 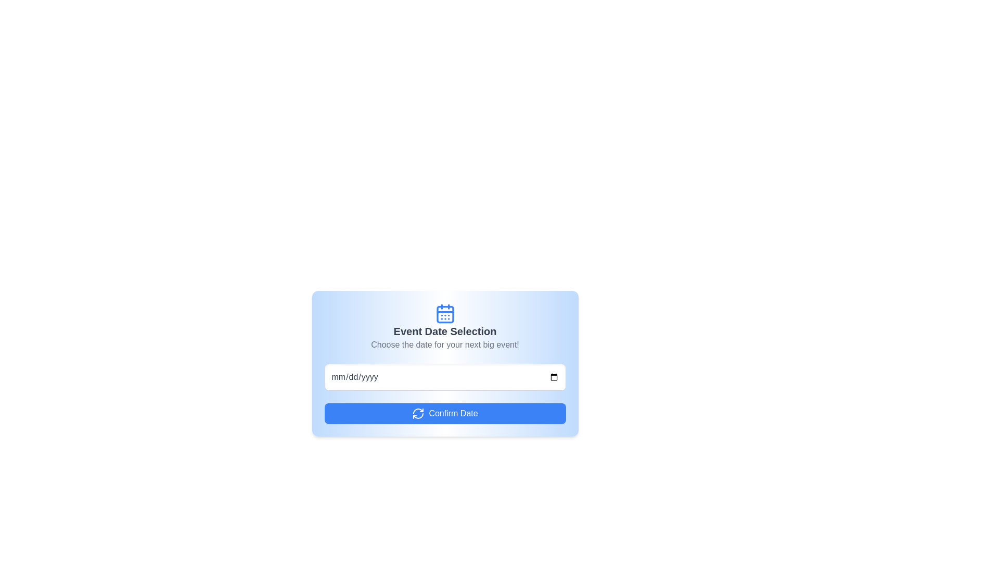 What do you see at coordinates (445, 331) in the screenshot?
I see `the title text heading that provides context for selecting a date, positioned below a calendar icon and above the descriptive text 'Choose the date for your next big event!'` at bounding box center [445, 331].